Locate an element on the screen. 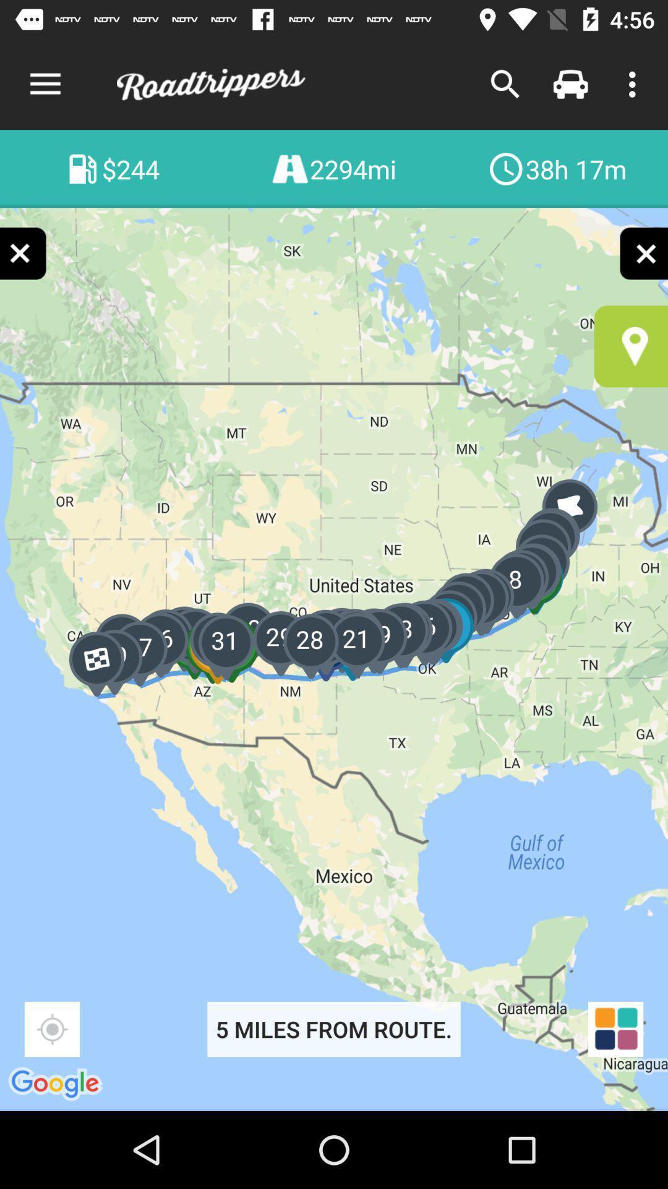 The image size is (668, 1189). the dashboard icon is located at coordinates (615, 1029).